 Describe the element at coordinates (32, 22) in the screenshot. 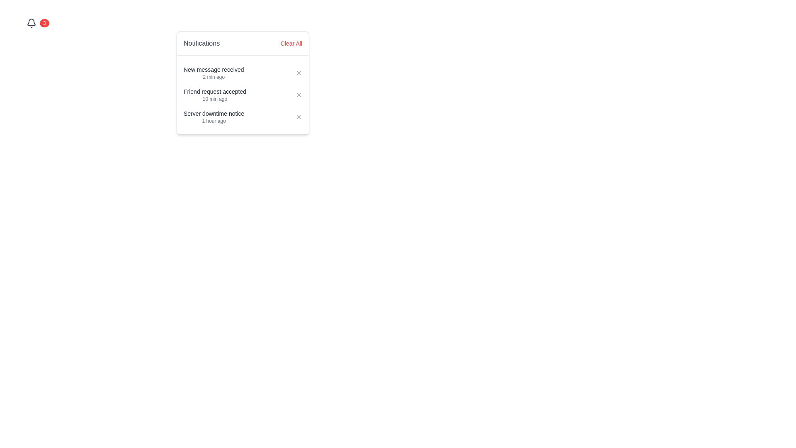

I see `the bell icon located in the upper left corner of the interface, which consists of a curved line depicting the bell's body outline` at that location.